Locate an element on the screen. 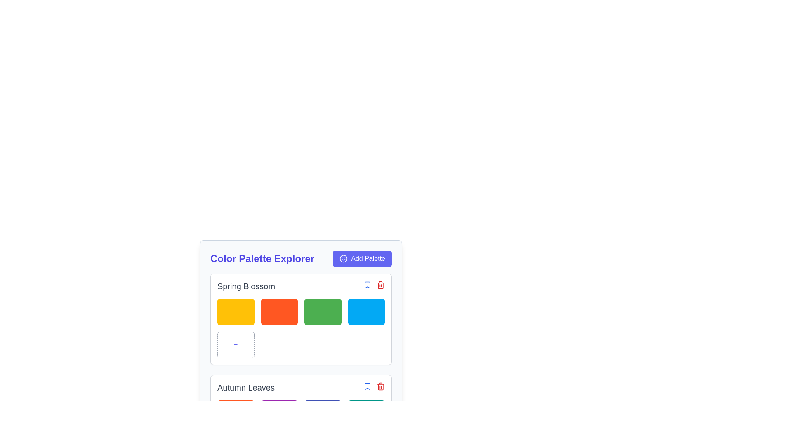  the trash icon located to the far right of the 'Spring Blossom' palette header is located at coordinates (380, 284).